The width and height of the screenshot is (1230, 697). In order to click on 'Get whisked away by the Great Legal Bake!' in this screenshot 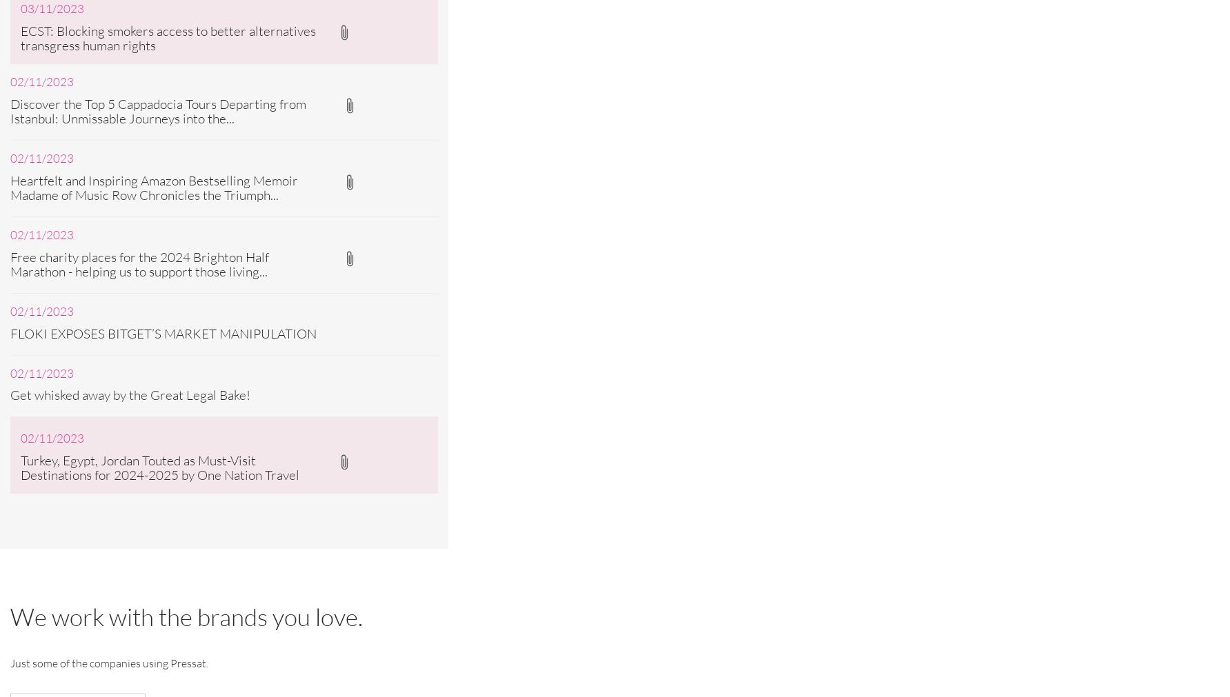, I will do `click(129, 395)`.